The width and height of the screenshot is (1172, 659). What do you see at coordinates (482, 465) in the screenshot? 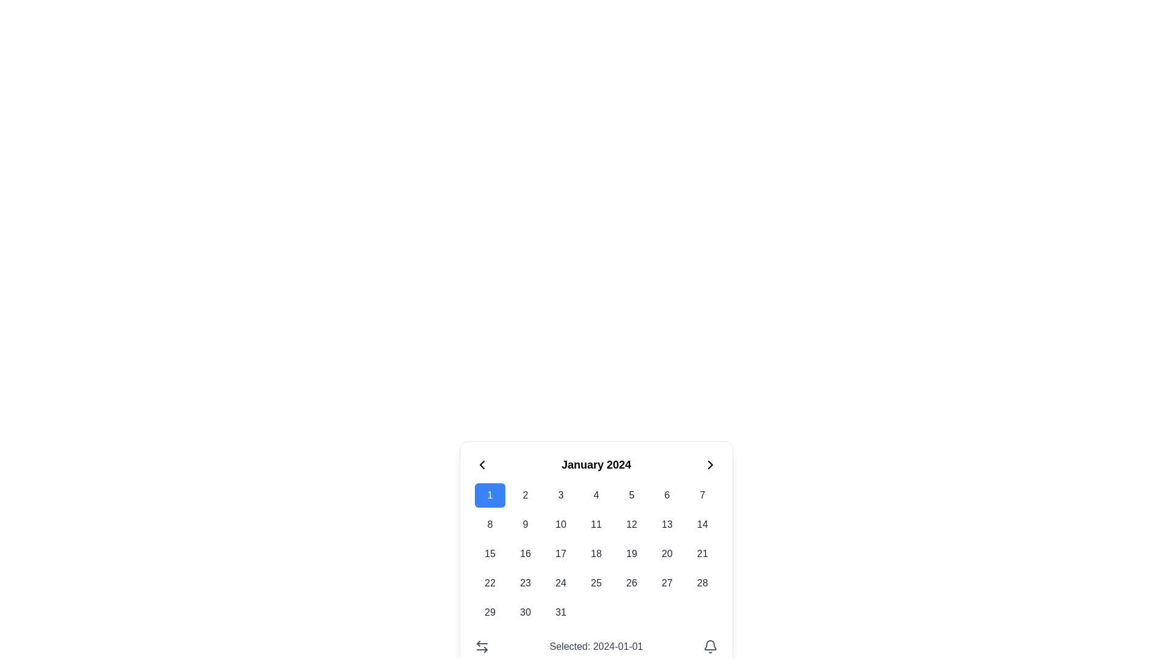
I see `the leftward-pointing chevron icon button located on the far left of the calendar header bar` at bounding box center [482, 465].